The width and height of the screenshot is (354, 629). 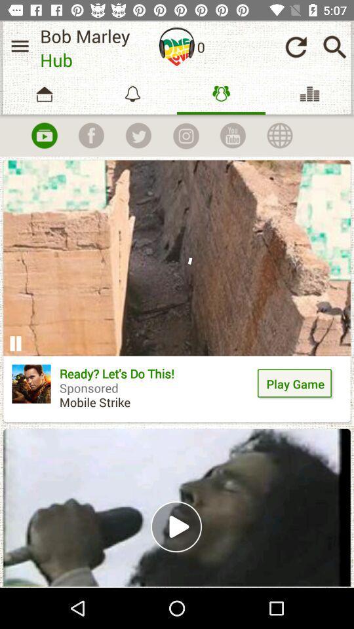 What do you see at coordinates (296, 47) in the screenshot?
I see `refresh` at bounding box center [296, 47].